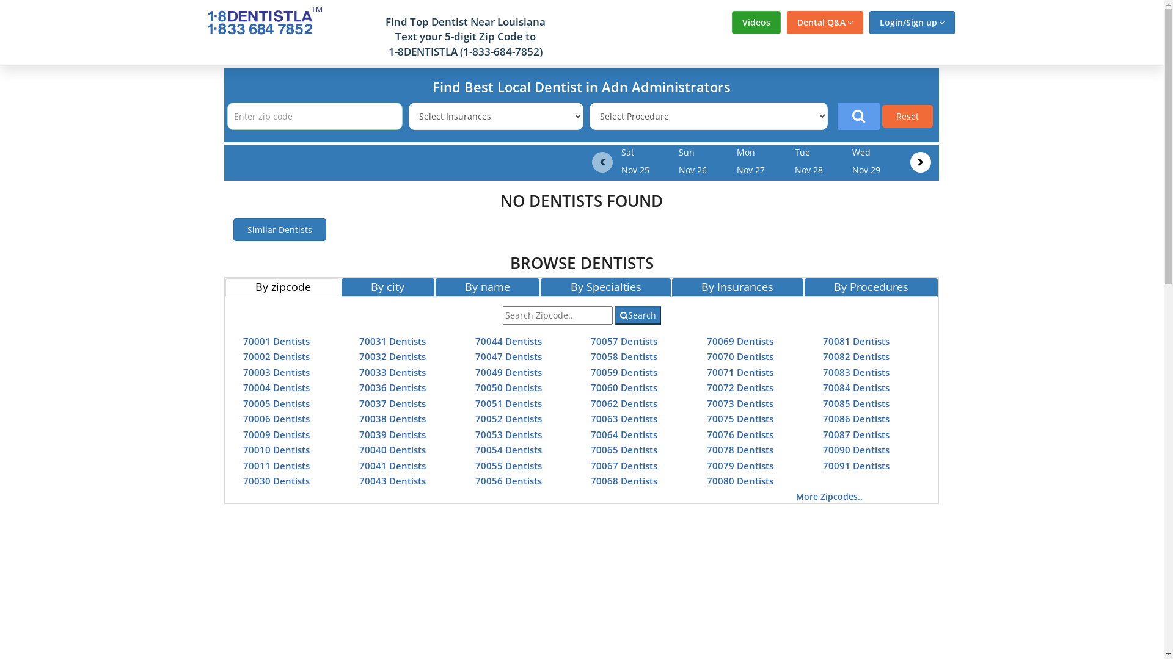 This screenshot has width=1173, height=659. What do you see at coordinates (823, 402) in the screenshot?
I see `'70085 Dentists'` at bounding box center [823, 402].